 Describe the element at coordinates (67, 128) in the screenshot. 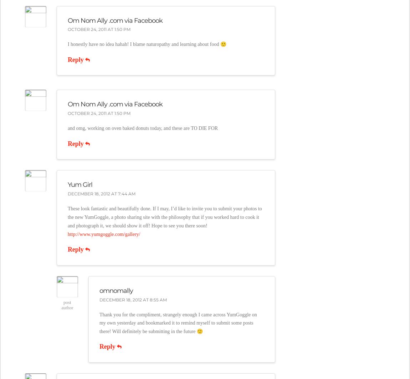

I see `'and omg, working on oven baked donuts today, and these are TO DIE FOR'` at that location.